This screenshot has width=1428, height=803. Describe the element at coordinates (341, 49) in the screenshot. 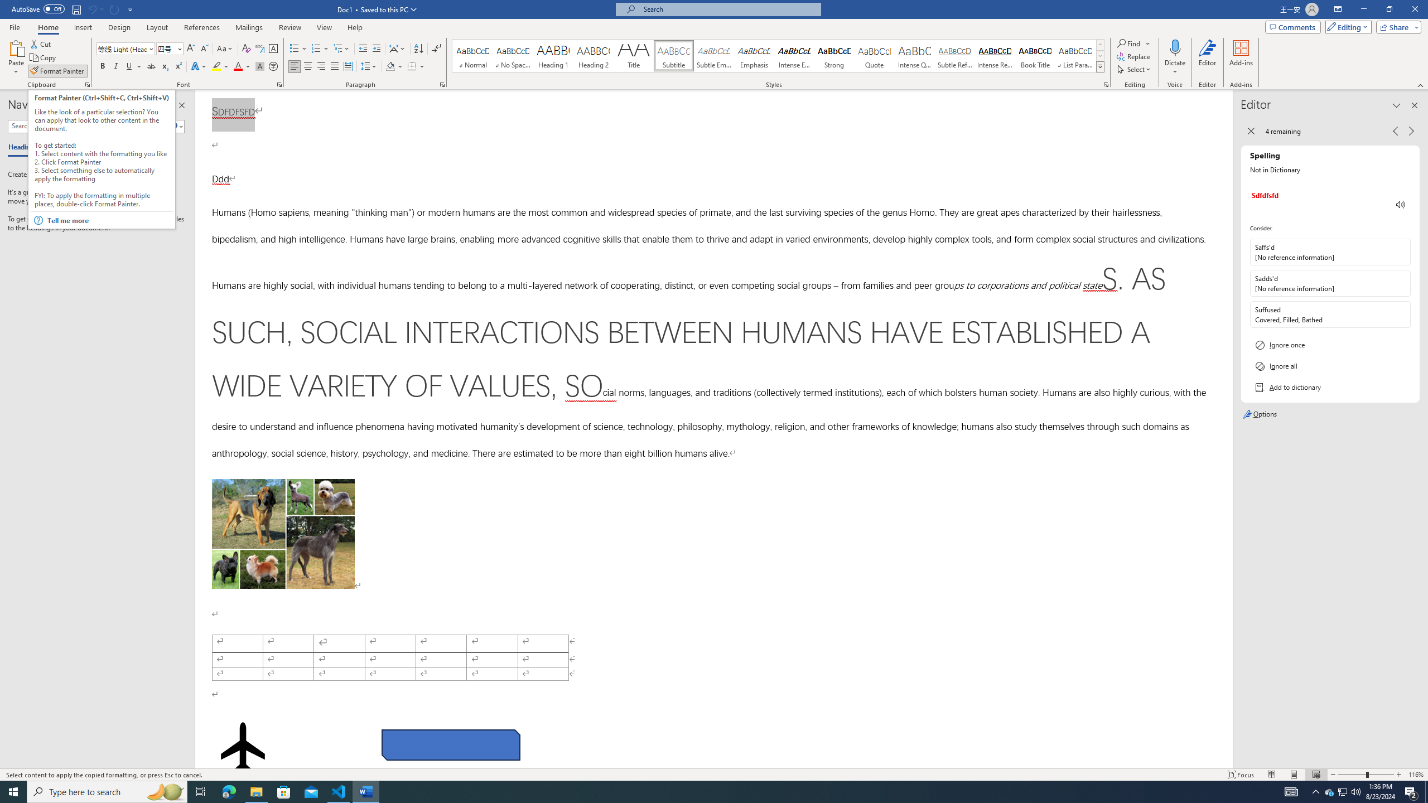

I see `'Multilevel List'` at that location.